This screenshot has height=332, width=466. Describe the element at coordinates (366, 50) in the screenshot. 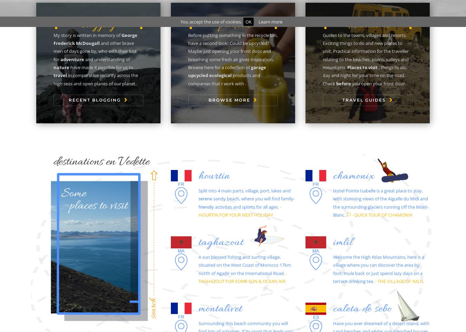

I see `'Guides to the towns, villages and resorts. Exciting things to do and new places to visit. Practical information for the traveller relating to the beaches, plains, valleys and mountains.'` at that location.